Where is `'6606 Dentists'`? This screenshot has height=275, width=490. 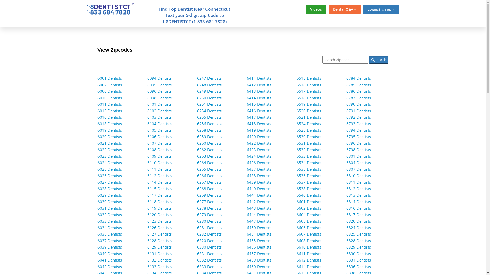
'6606 Dentists' is located at coordinates (308, 227).